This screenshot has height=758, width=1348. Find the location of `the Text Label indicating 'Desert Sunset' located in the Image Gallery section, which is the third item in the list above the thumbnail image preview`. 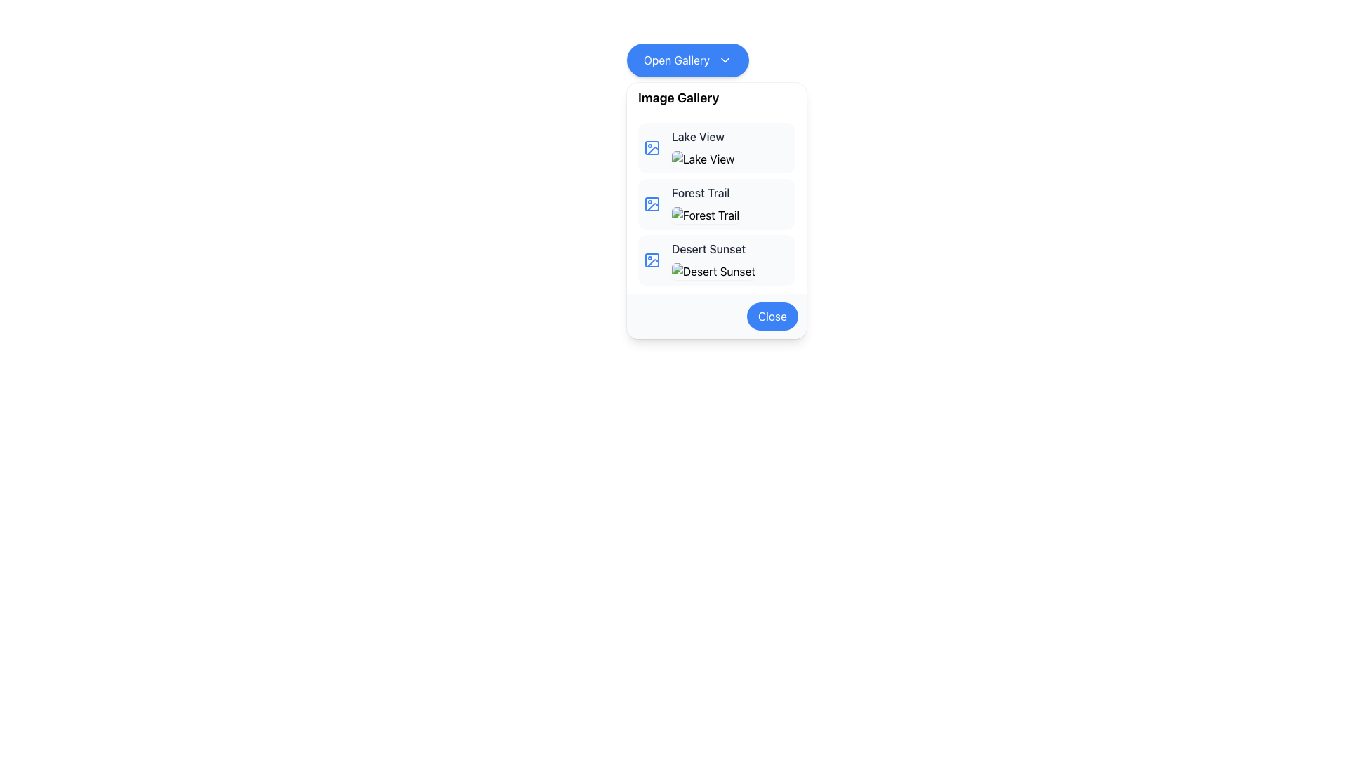

the Text Label indicating 'Desert Sunset' located in the Image Gallery section, which is the third item in the list above the thumbnail image preview is located at coordinates (713, 248).